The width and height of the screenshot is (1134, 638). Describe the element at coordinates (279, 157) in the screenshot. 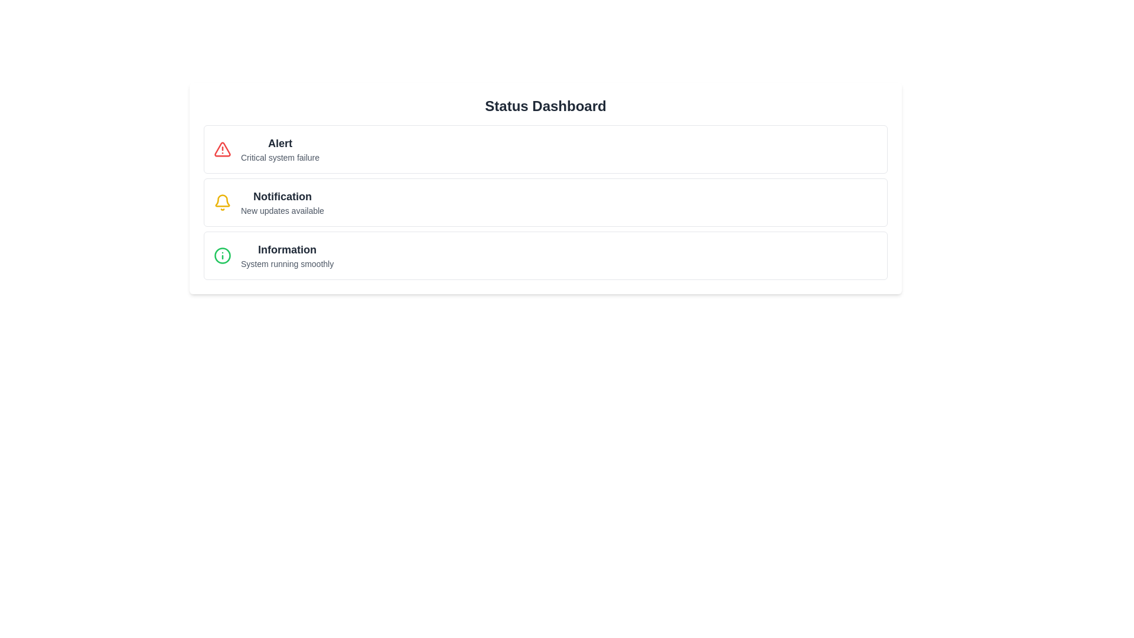

I see `the detailed description text element located below the 'Alert' label in the first notification segment` at that location.